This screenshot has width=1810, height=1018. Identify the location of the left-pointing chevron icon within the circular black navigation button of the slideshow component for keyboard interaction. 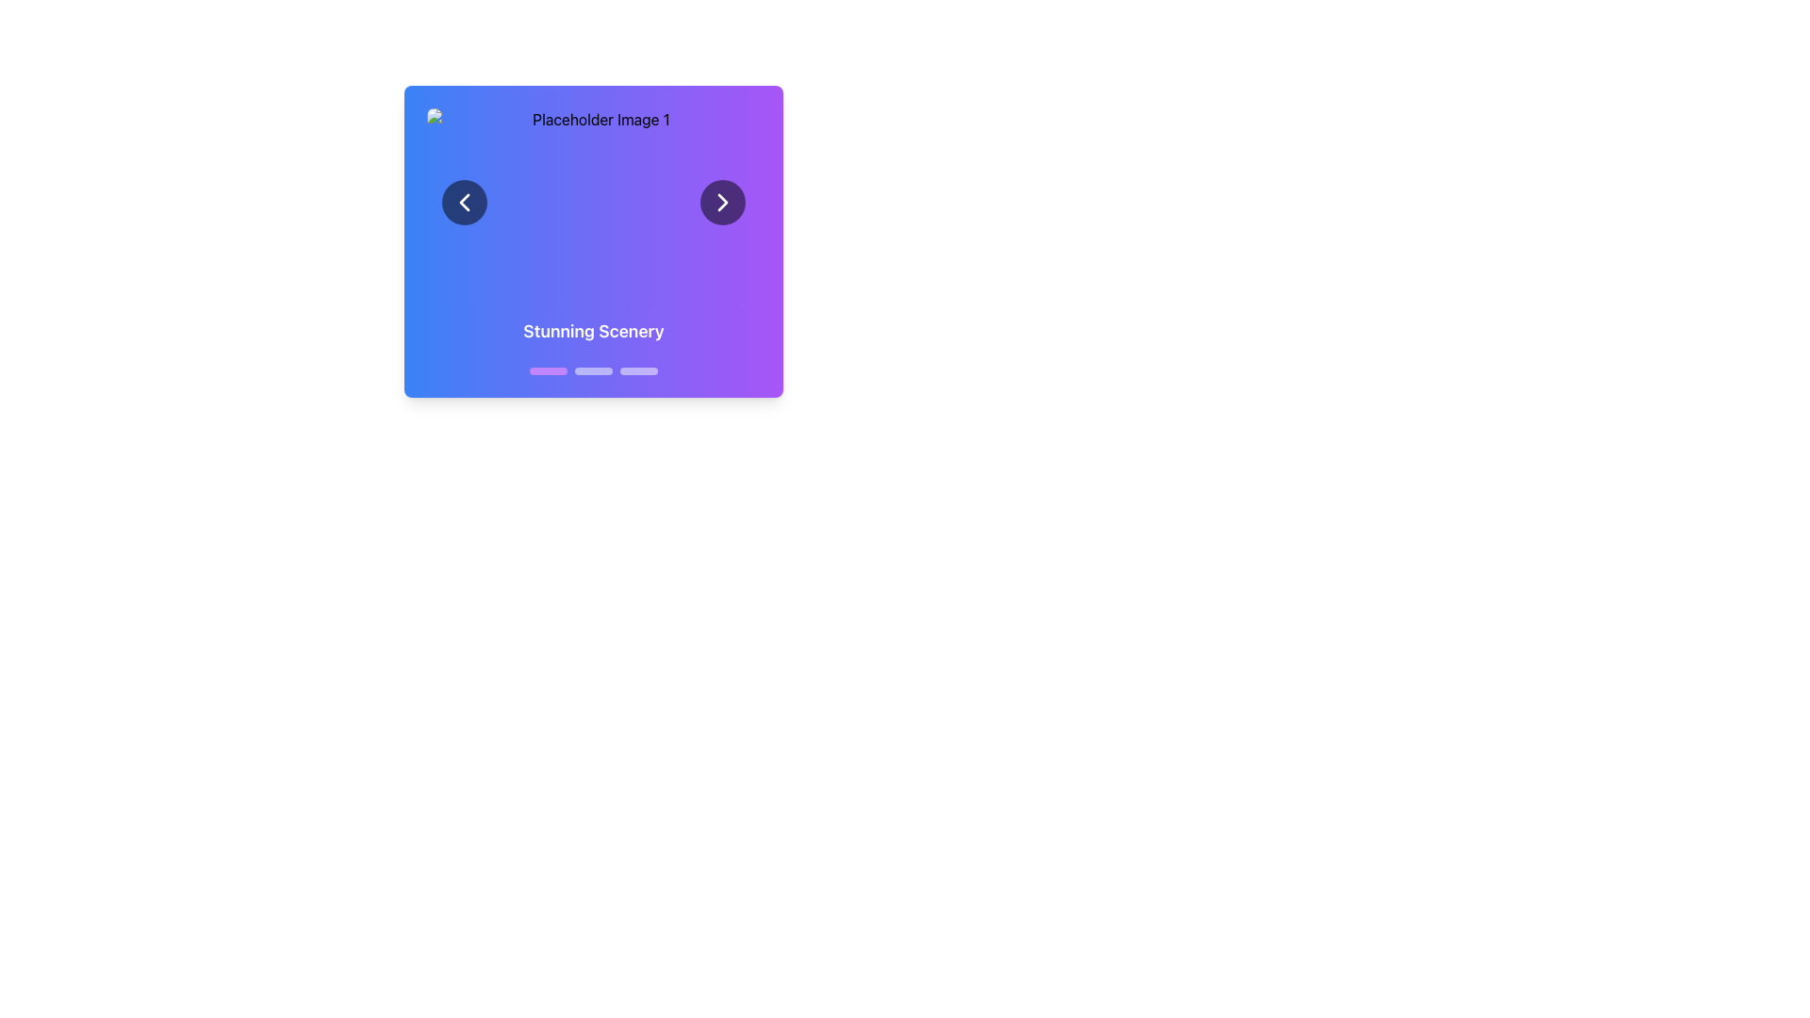
(465, 202).